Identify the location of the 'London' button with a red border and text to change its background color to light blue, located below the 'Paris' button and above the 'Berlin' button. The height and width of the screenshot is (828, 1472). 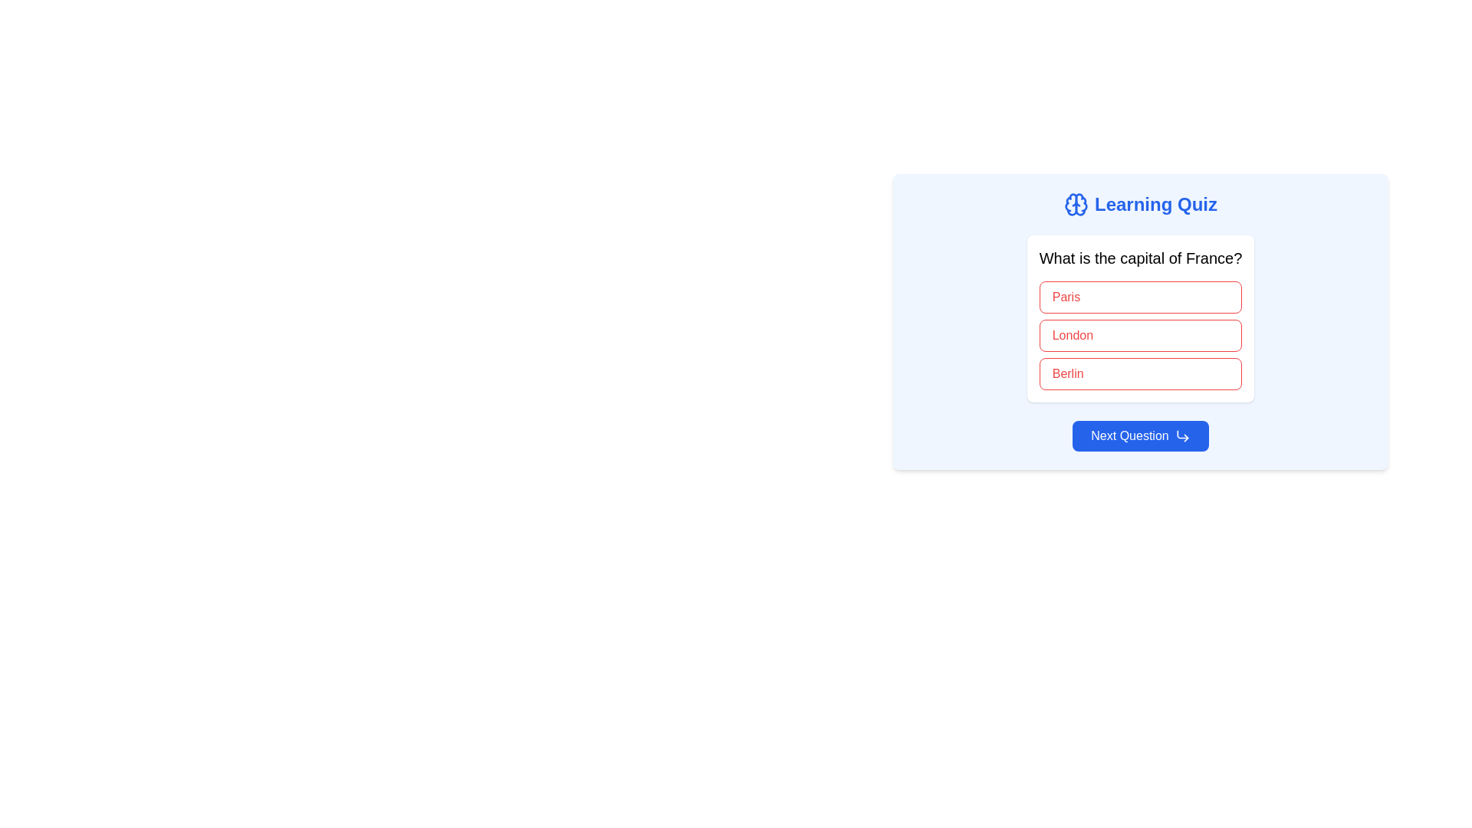
(1141, 335).